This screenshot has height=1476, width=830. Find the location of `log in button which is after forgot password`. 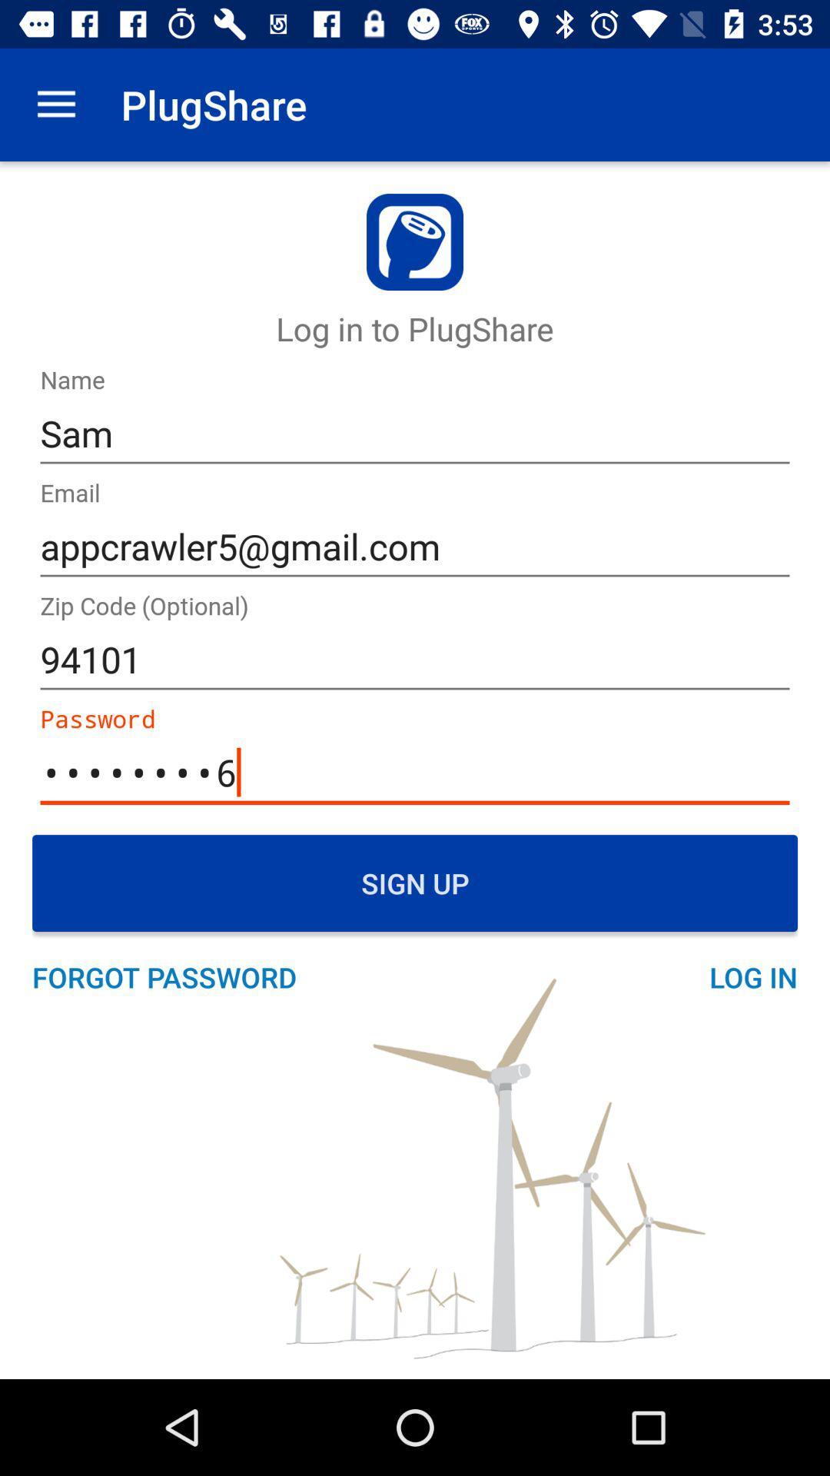

log in button which is after forgot password is located at coordinates (744, 976).